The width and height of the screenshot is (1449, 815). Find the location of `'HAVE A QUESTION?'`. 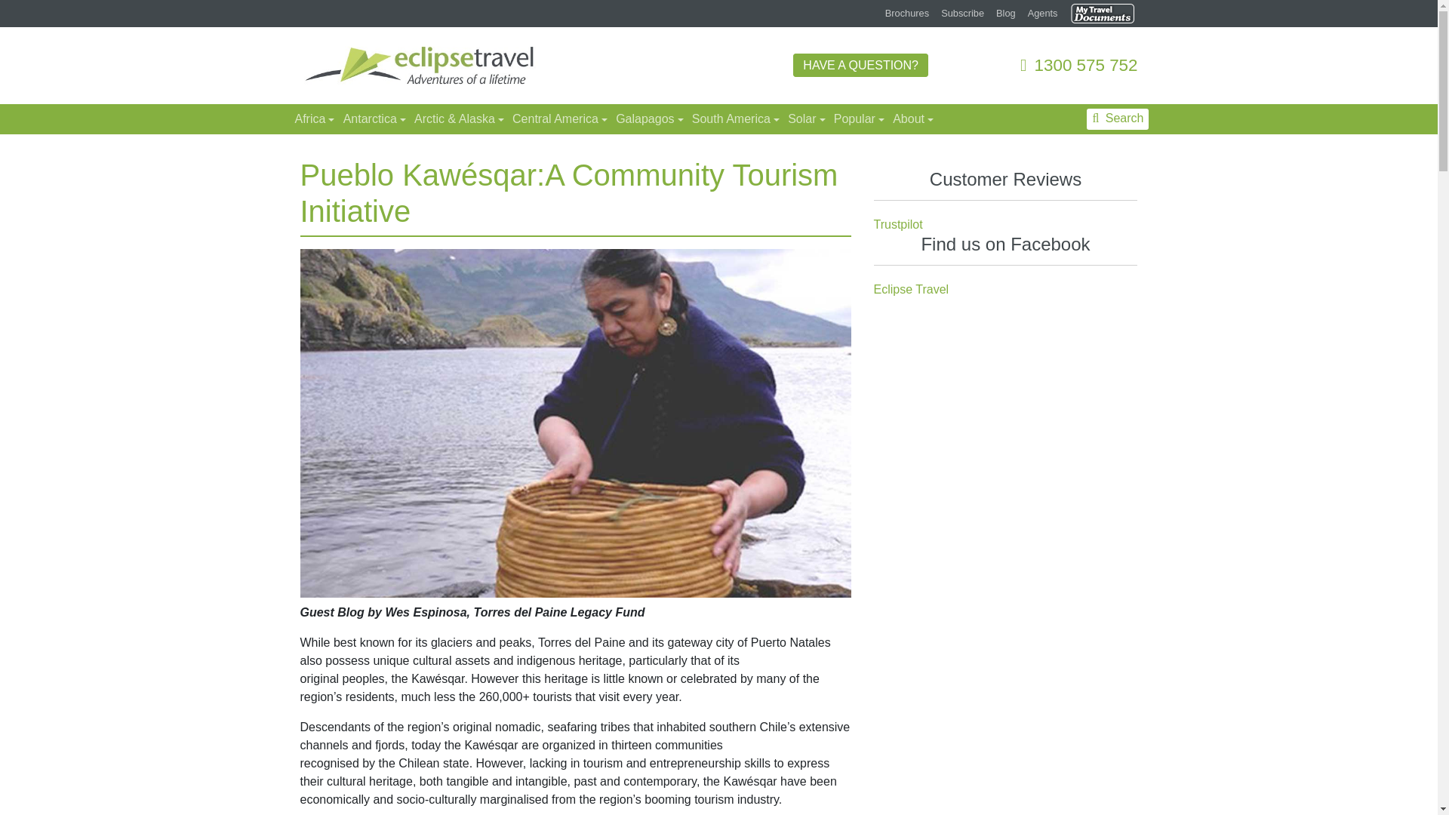

'HAVE A QUESTION?' is located at coordinates (860, 64).